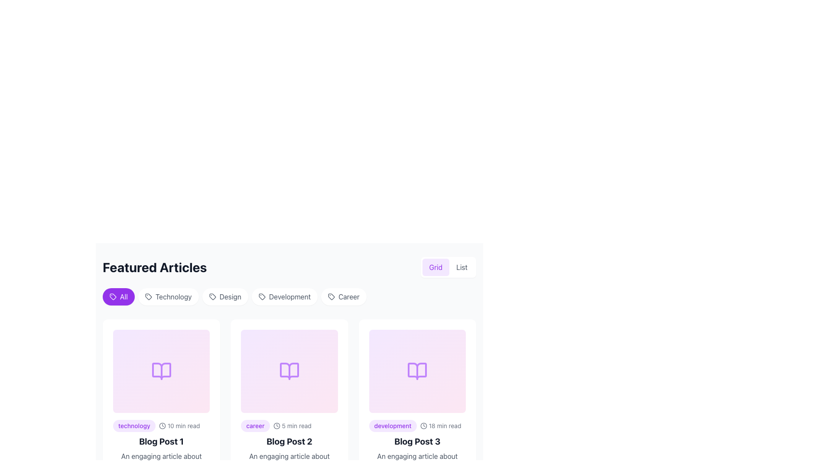  I want to click on the 'Technology' button, which is styled with rounded corners, a white background, grey text, and an icon depicting a tag on the left, so click(168, 296).